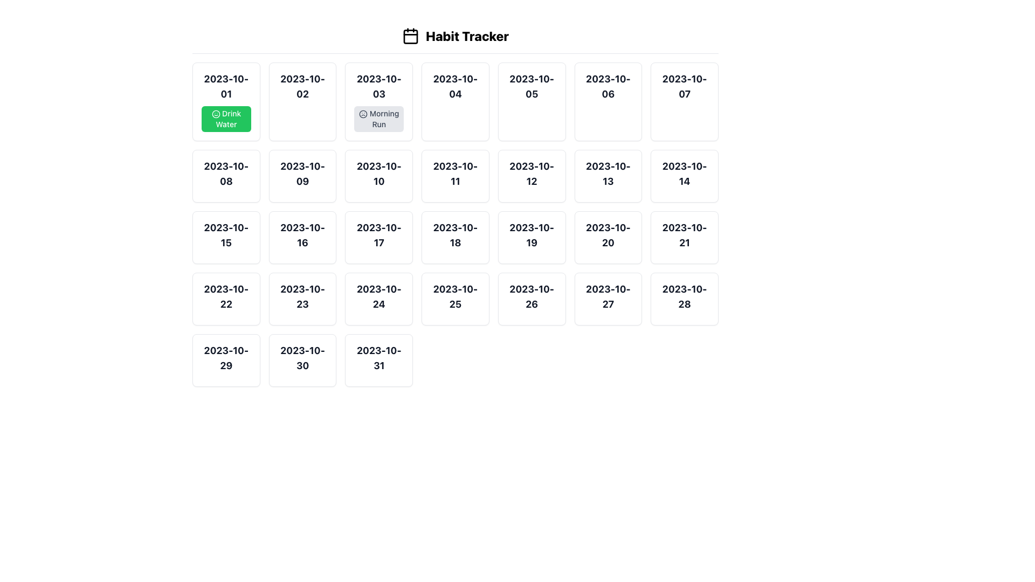  What do you see at coordinates (684, 297) in the screenshot?
I see `the text label displaying the date '2023-10-28' located in the sixth row and fifth column of the habit tracker interface` at bounding box center [684, 297].